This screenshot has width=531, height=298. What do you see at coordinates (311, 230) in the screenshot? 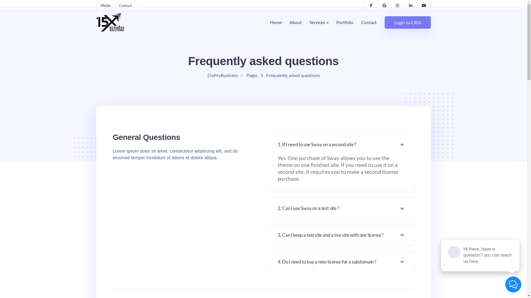
I see `'Social Media Analyzer'` at bounding box center [311, 230].